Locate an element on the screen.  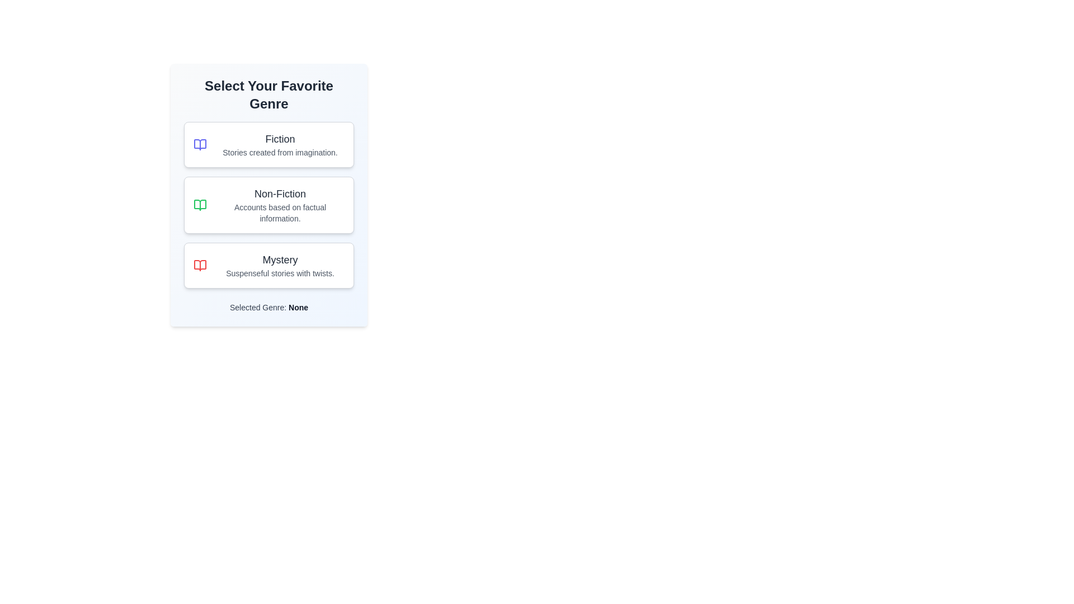
text label that serves as the title for the 'Mystery' card, located at the top of the third card in a vertically stacked list is located at coordinates (280, 260).